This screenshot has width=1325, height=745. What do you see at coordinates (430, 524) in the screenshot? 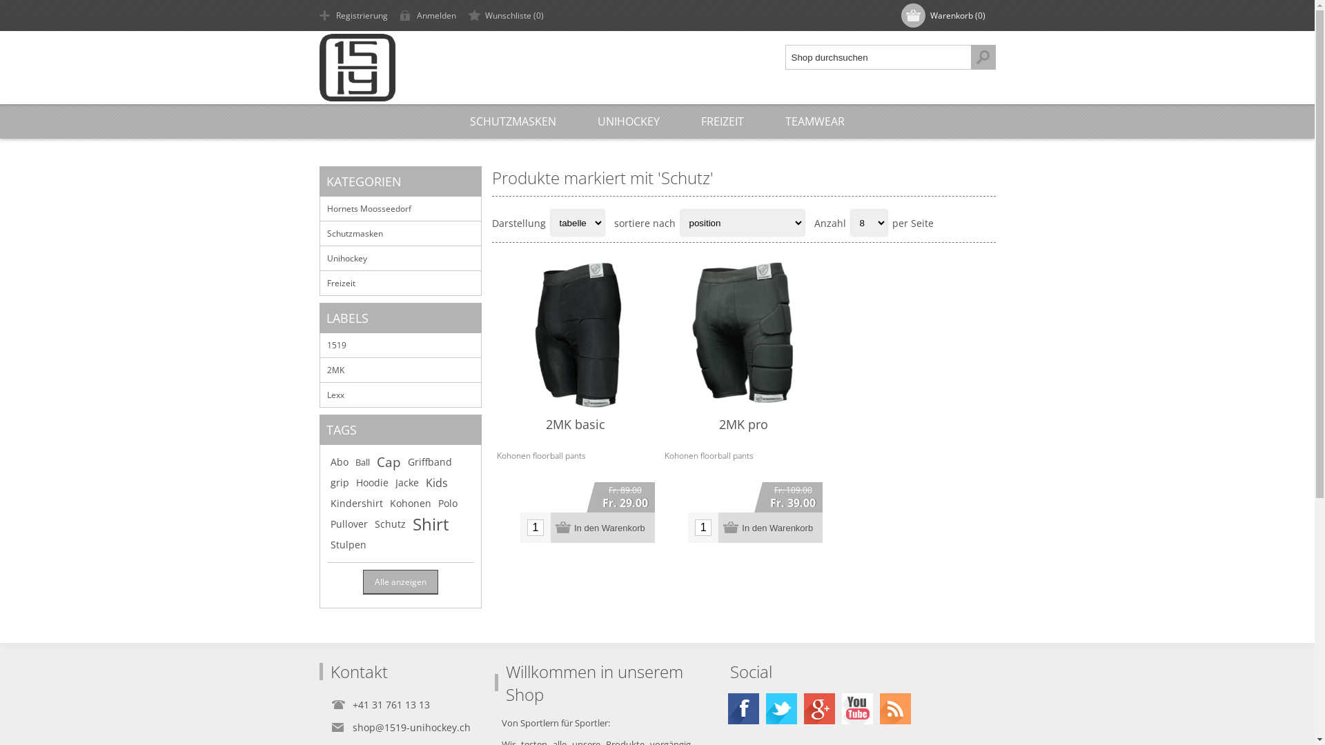
I see `'Shirt'` at bounding box center [430, 524].